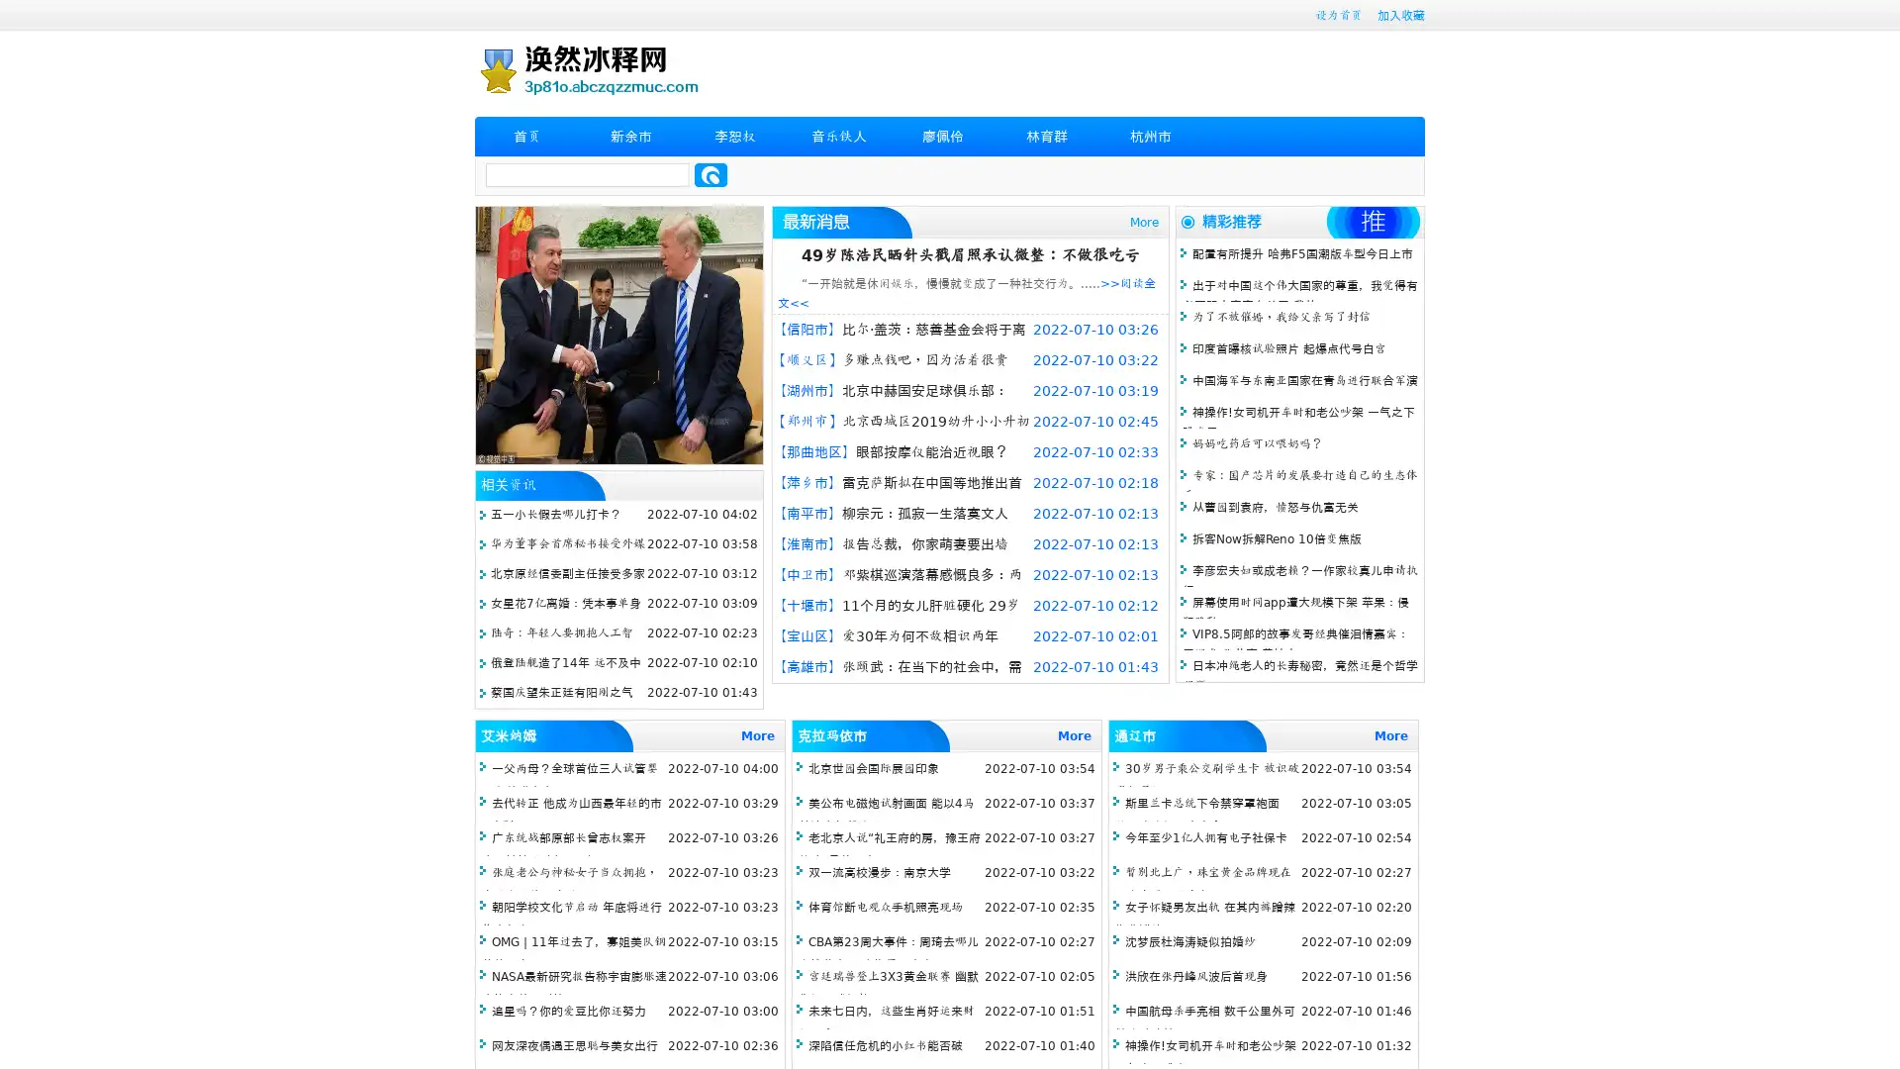  I want to click on Search, so click(711, 174).